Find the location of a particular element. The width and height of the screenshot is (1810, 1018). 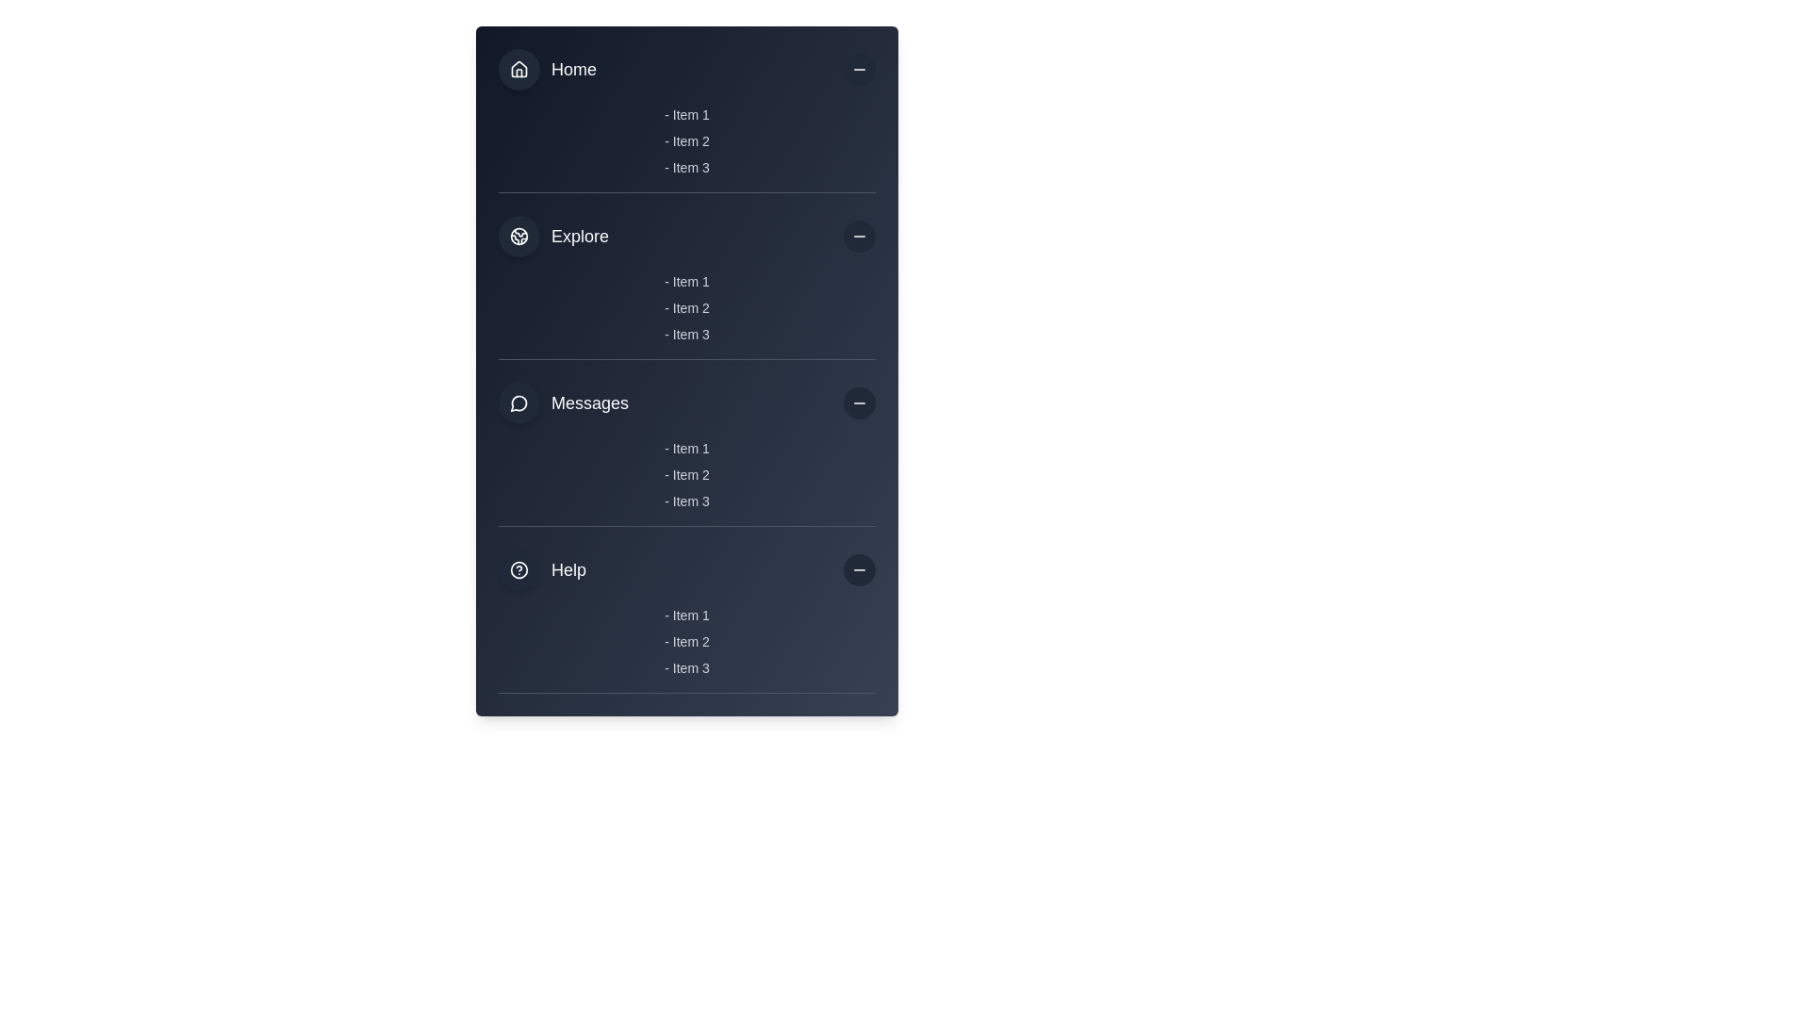

the help icon located to the left of the 'Help' label in the vertical menu is located at coordinates (519, 569).